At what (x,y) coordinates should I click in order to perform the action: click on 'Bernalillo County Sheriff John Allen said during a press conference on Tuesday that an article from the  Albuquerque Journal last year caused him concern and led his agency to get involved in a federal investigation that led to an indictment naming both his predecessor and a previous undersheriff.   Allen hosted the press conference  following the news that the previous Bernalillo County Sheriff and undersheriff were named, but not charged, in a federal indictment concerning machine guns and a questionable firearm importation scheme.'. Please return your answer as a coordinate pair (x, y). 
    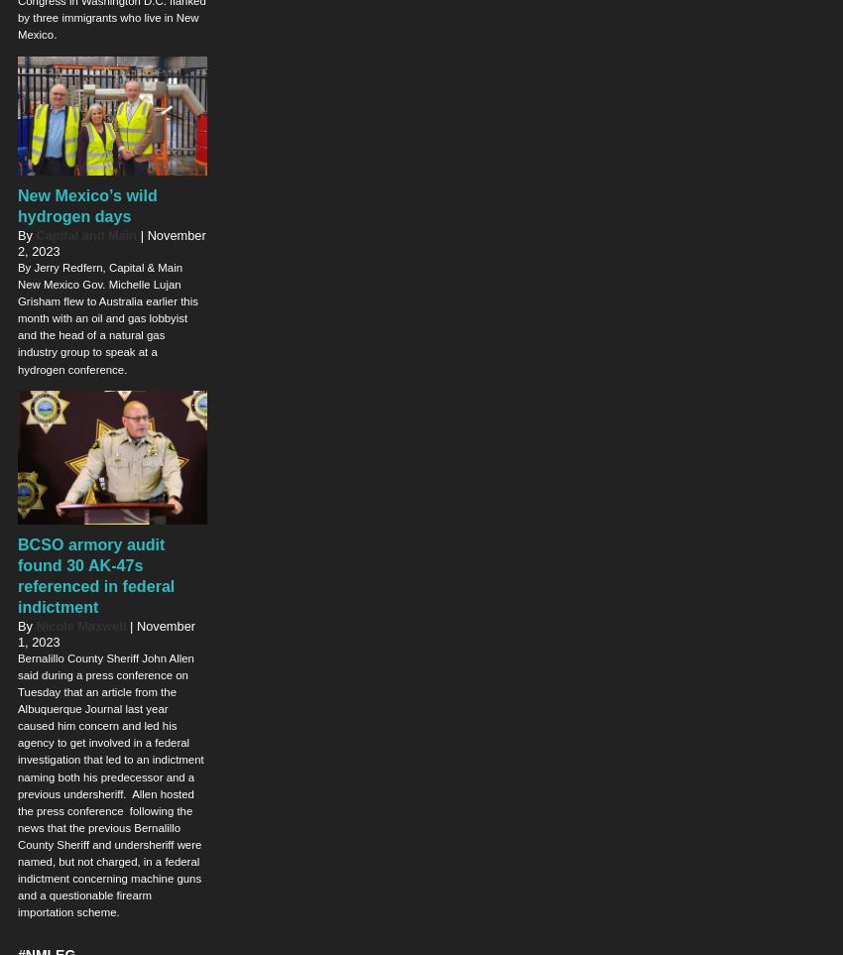
    Looking at the image, I should click on (109, 783).